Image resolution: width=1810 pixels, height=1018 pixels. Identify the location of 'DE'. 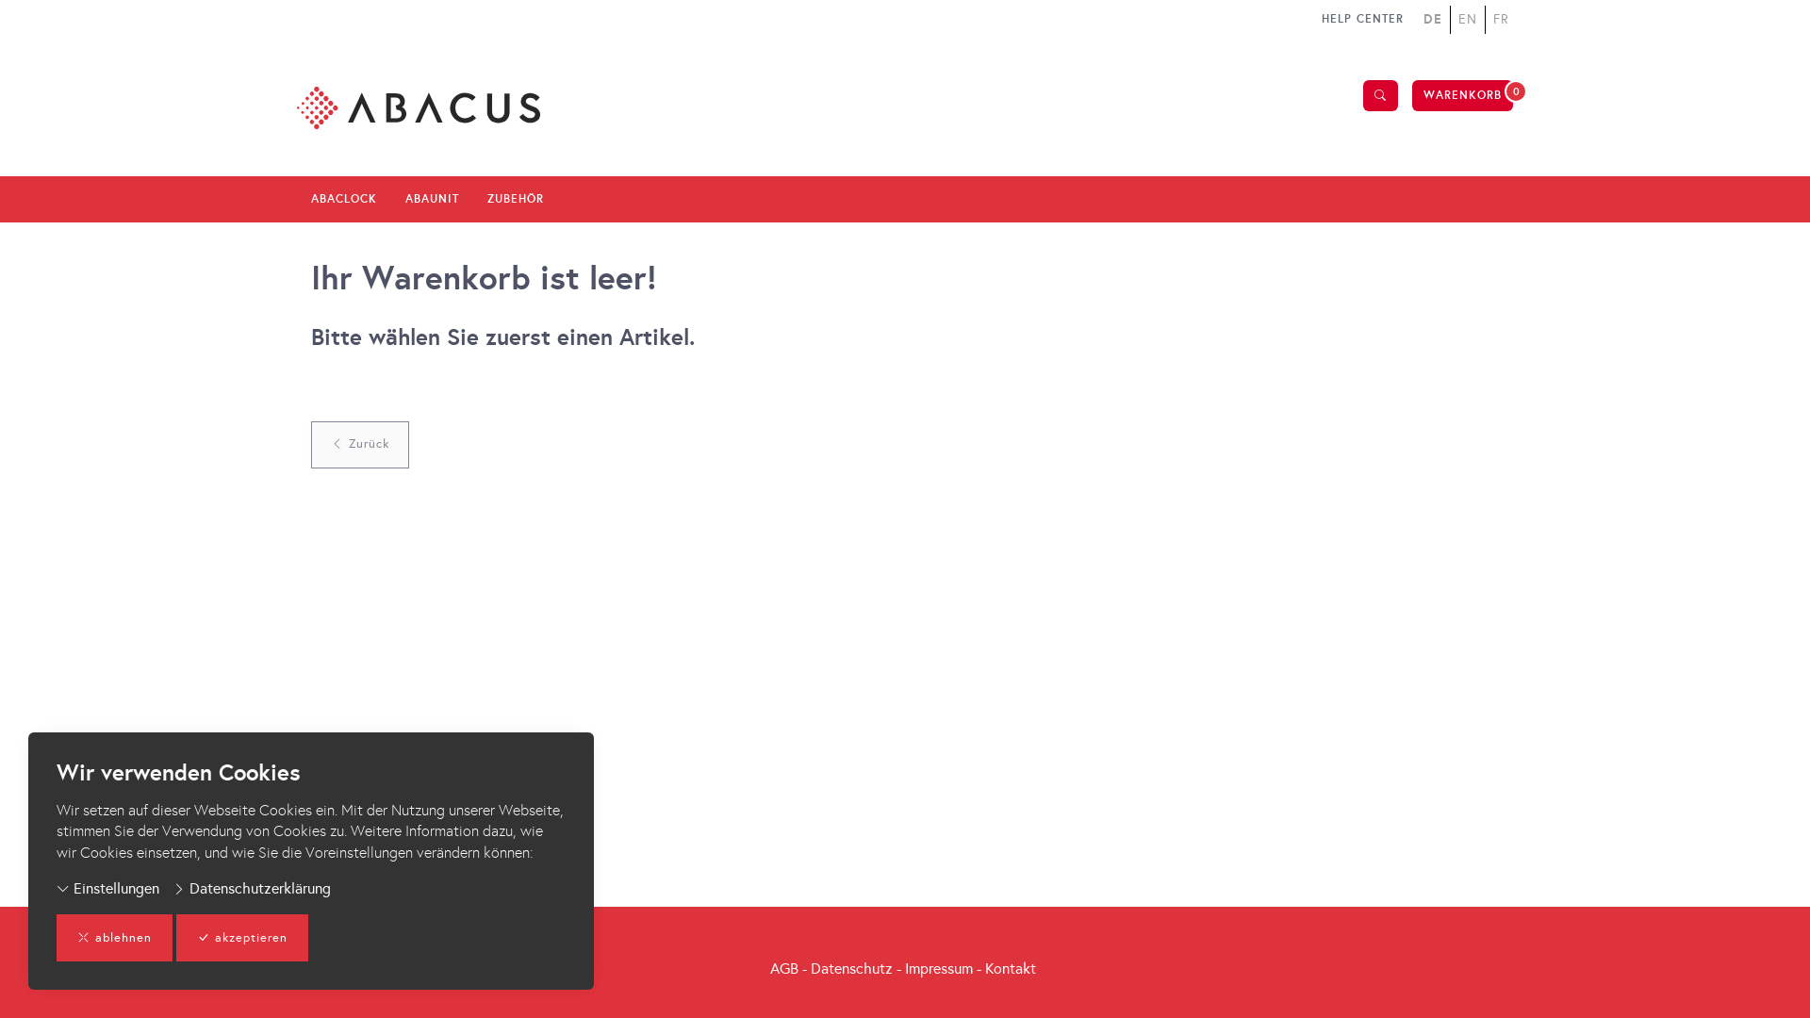
(1433, 18).